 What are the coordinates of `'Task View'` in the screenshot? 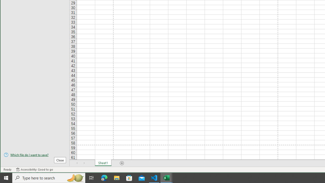 It's located at (91, 177).